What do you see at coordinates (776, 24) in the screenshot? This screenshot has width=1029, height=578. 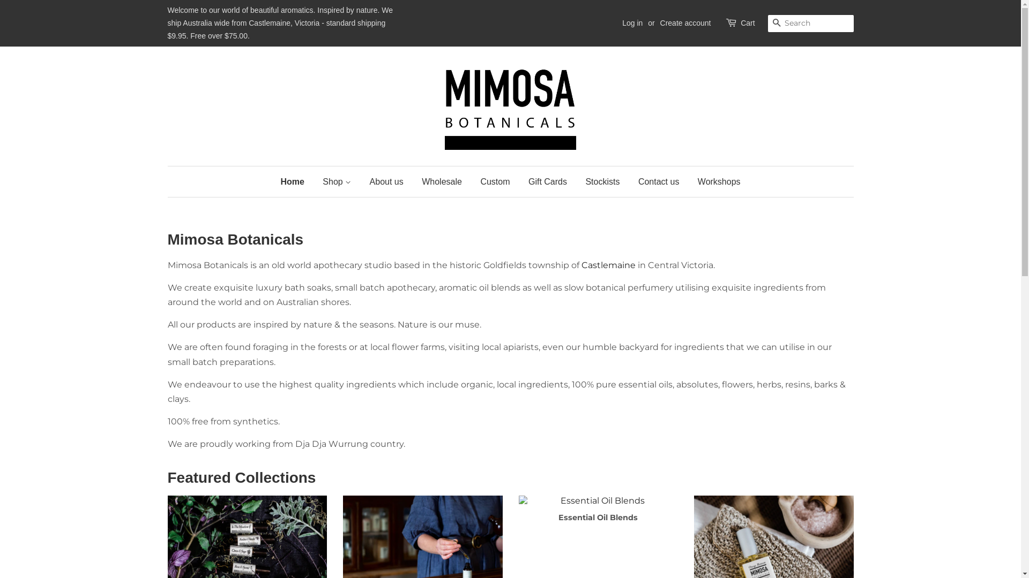 I see `'Search'` at bounding box center [776, 24].